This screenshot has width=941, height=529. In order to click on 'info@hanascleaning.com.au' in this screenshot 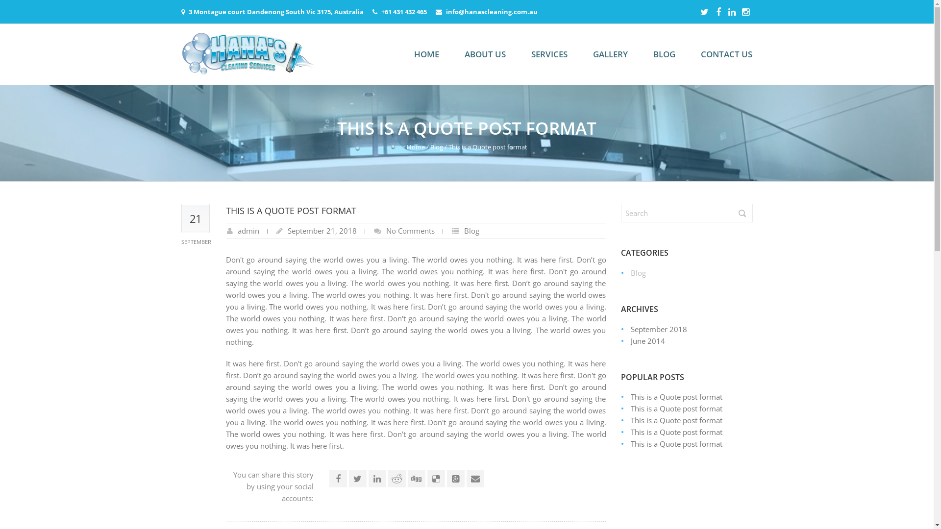, I will do `click(492, 11)`.